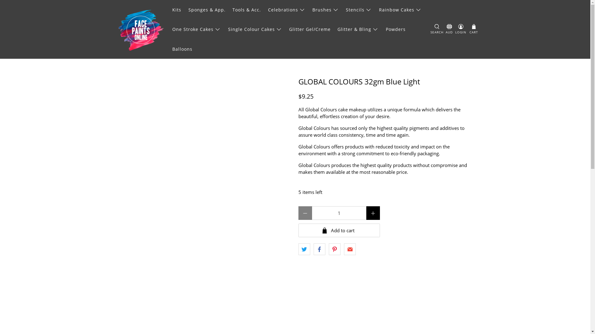  What do you see at coordinates (334, 249) in the screenshot?
I see `'Share this on Pinterest'` at bounding box center [334, 249].